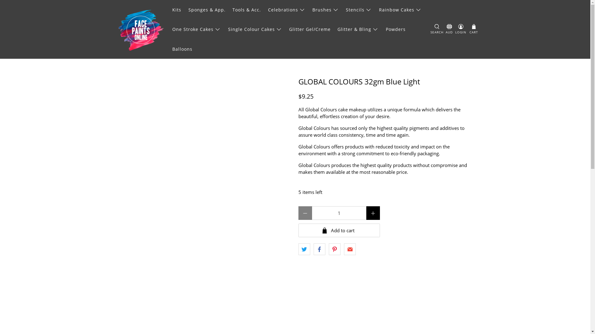  What do you see at coordinates (334, 249) in the screenshot?
I see `'Share this on Pinterest'` at bounding box center [334, 249].